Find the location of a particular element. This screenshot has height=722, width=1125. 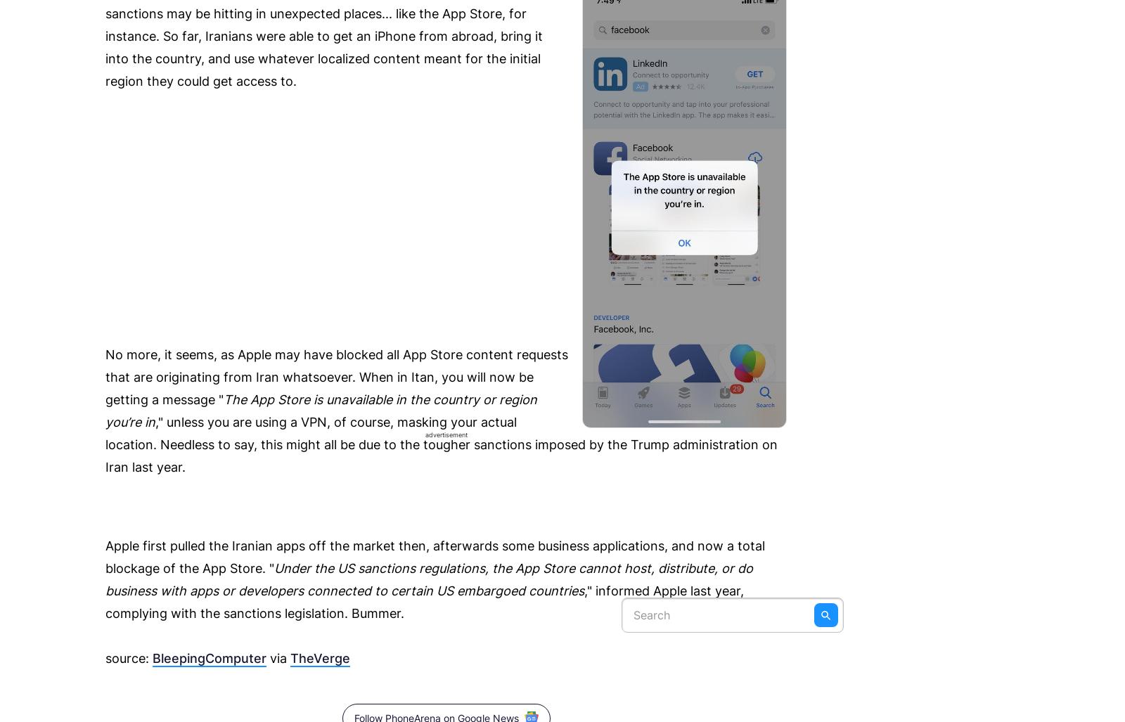

'Terms of Use' is located at coordinates (492, 53).